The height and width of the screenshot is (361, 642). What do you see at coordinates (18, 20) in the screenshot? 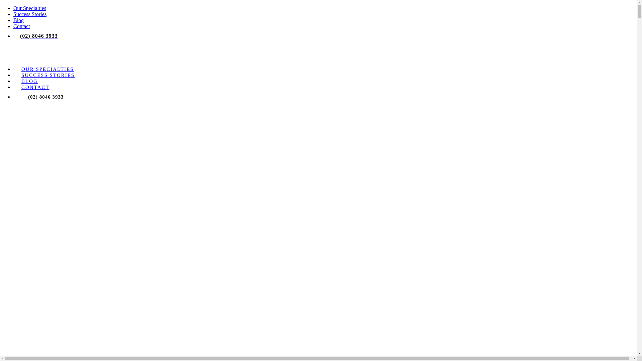
I see `'Blog'` at bounding box center [18, 20].